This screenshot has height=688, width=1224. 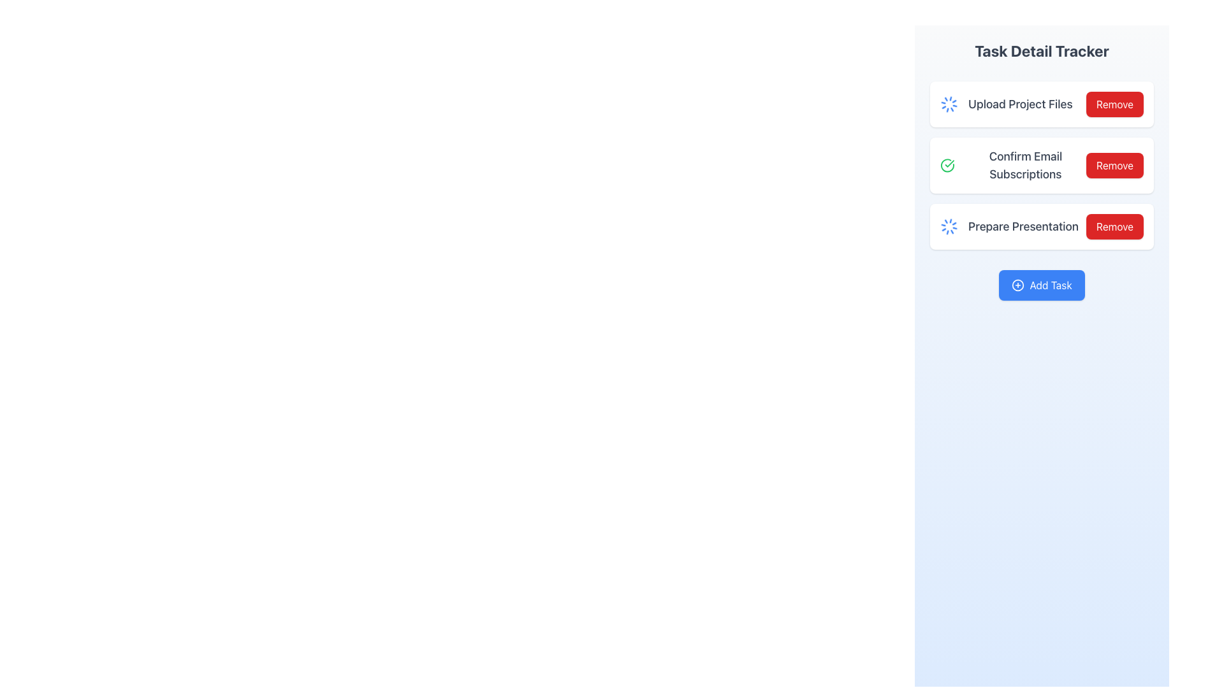 What do you see at coordinates (1025, 164) in the screenshot?
I see `the text label displaying 'Confirm Email Subscriptions' which is styled in gray and is located in the 'Task Detail Tracker' section, positioned between 'Upload Project Files' and 'Prepare Presentation'` at bounding box center [1025, 164].